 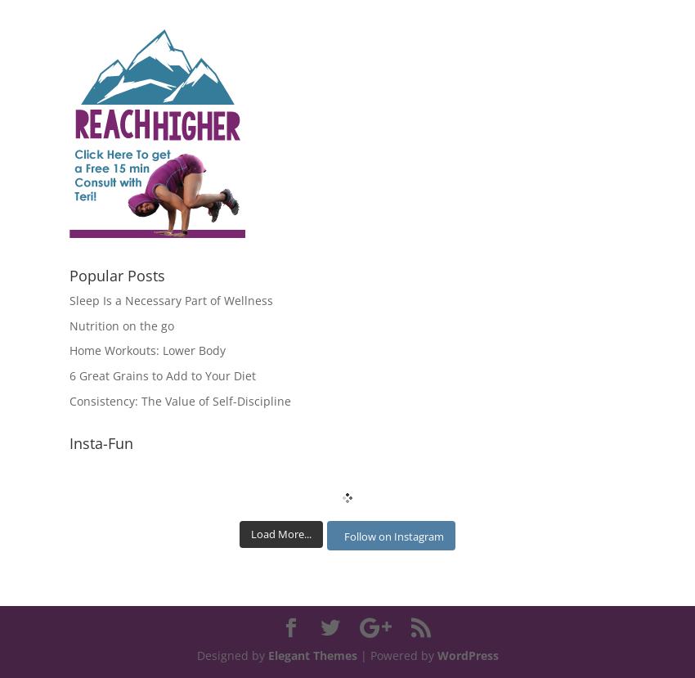 What do you see at coordinates (231, 654) in the screenshot?
I see `'Designed by'` at bounding box center [231, 654].